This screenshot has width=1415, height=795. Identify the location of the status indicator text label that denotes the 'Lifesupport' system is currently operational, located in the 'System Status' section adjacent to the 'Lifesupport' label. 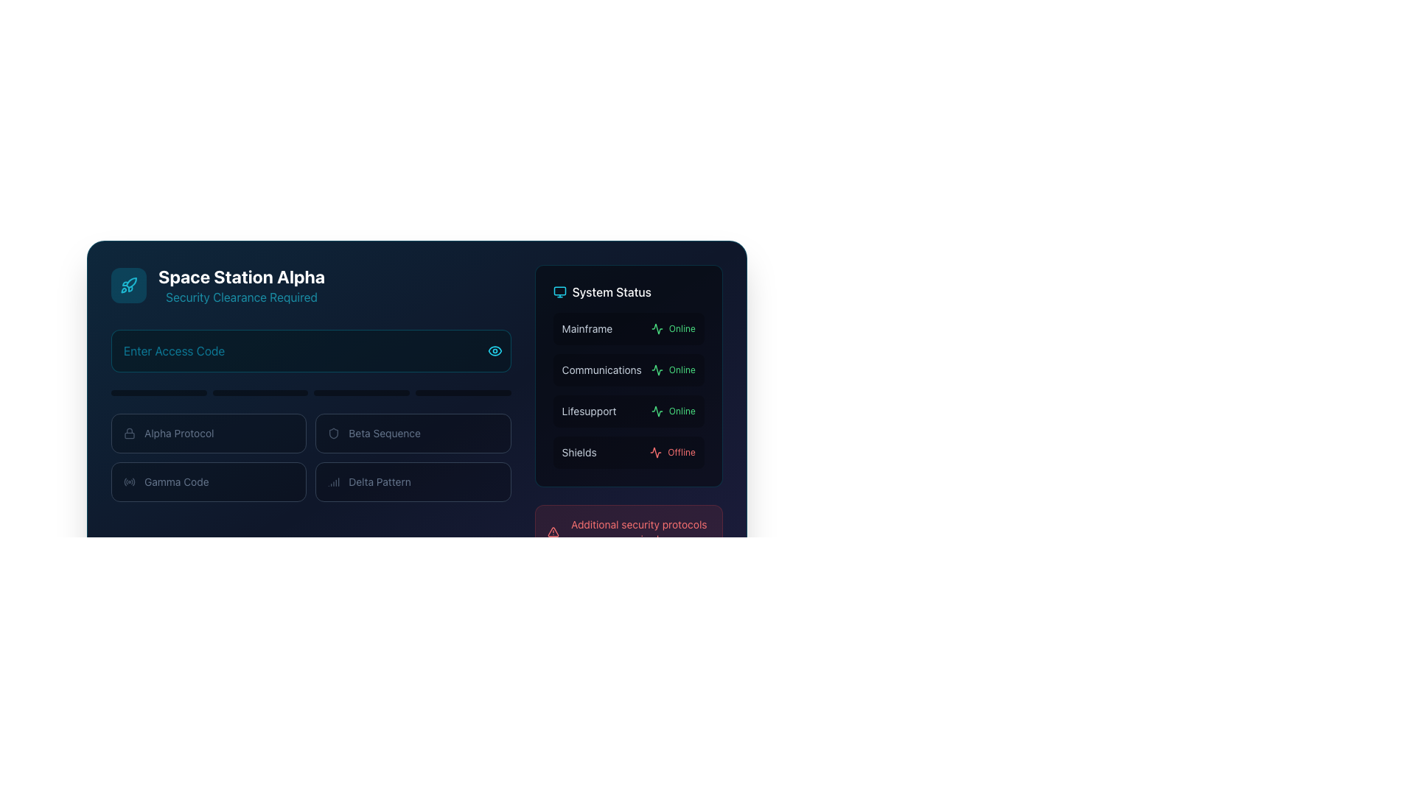
(681, 411).